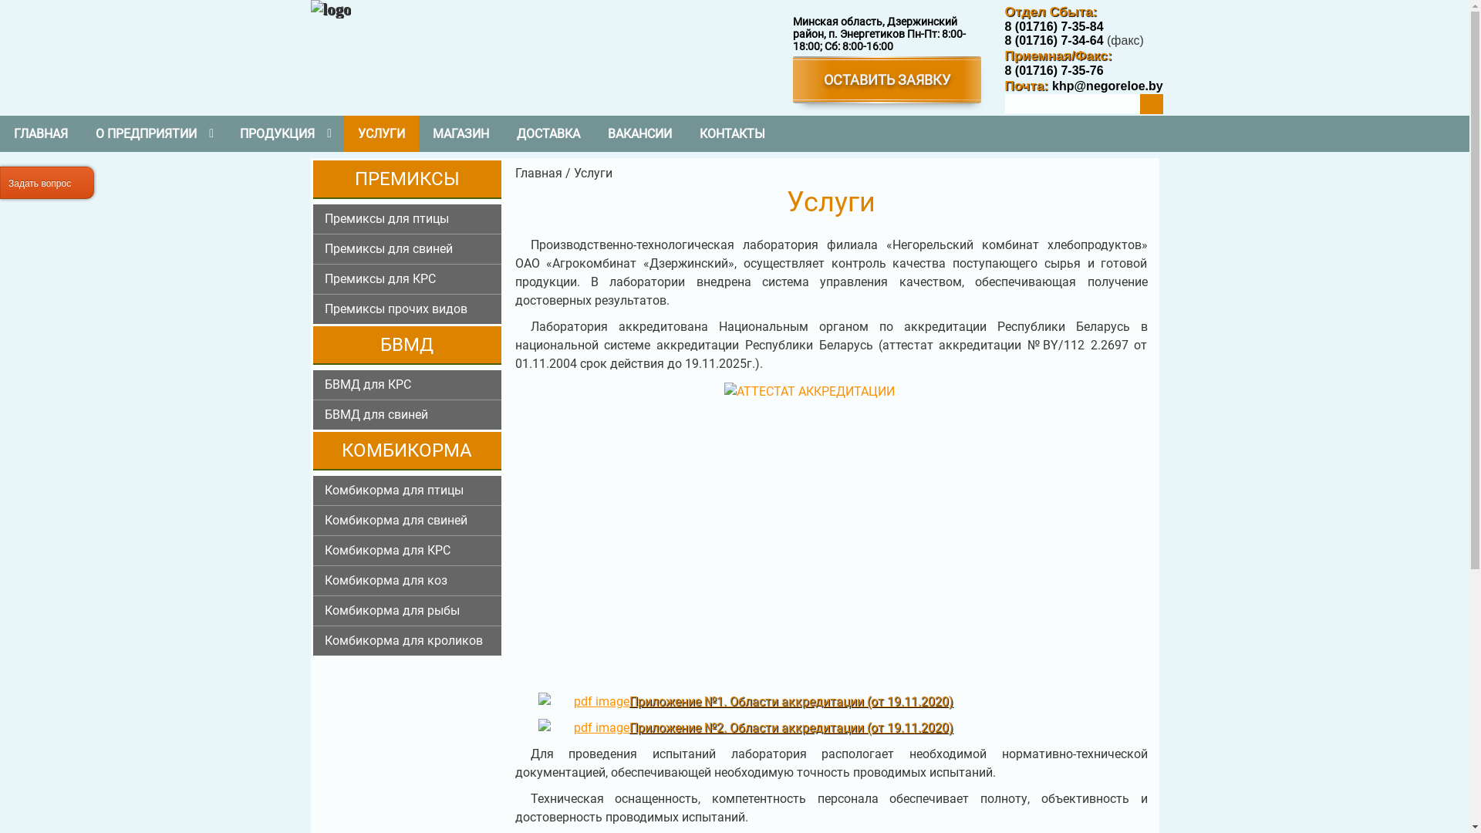  What do you see at coordinates (1047, 85) in the screenshot?
I see `'khp@negoreloe.by'` at bounding box center [1047, 85].